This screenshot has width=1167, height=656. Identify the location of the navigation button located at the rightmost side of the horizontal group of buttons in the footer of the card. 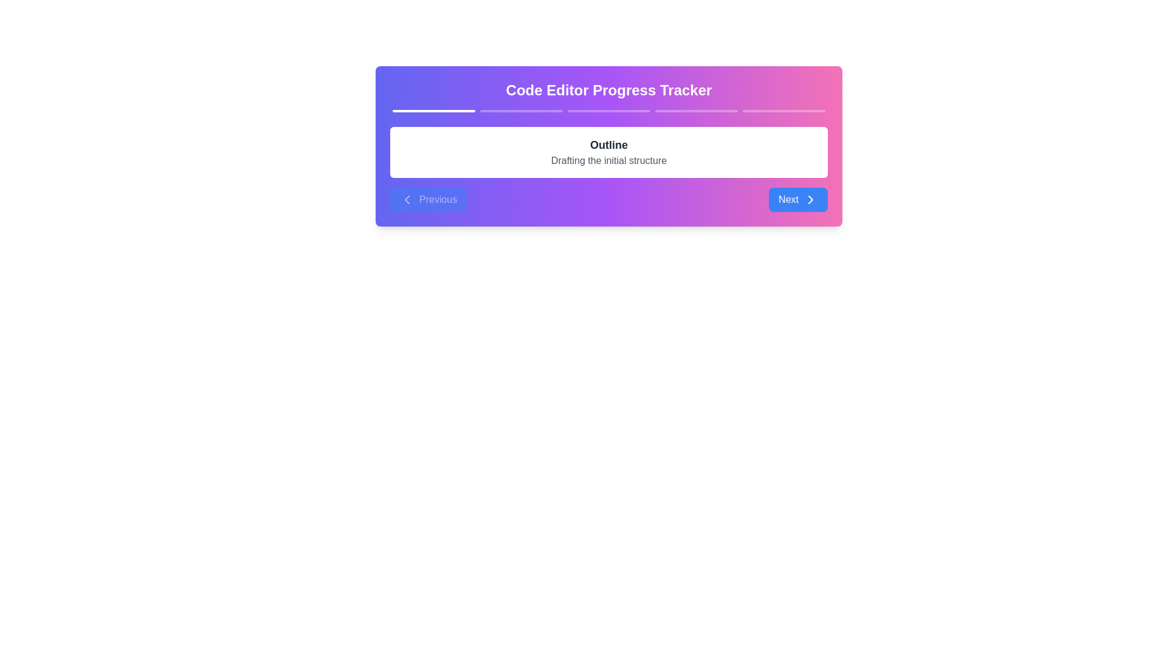
(798, 199).